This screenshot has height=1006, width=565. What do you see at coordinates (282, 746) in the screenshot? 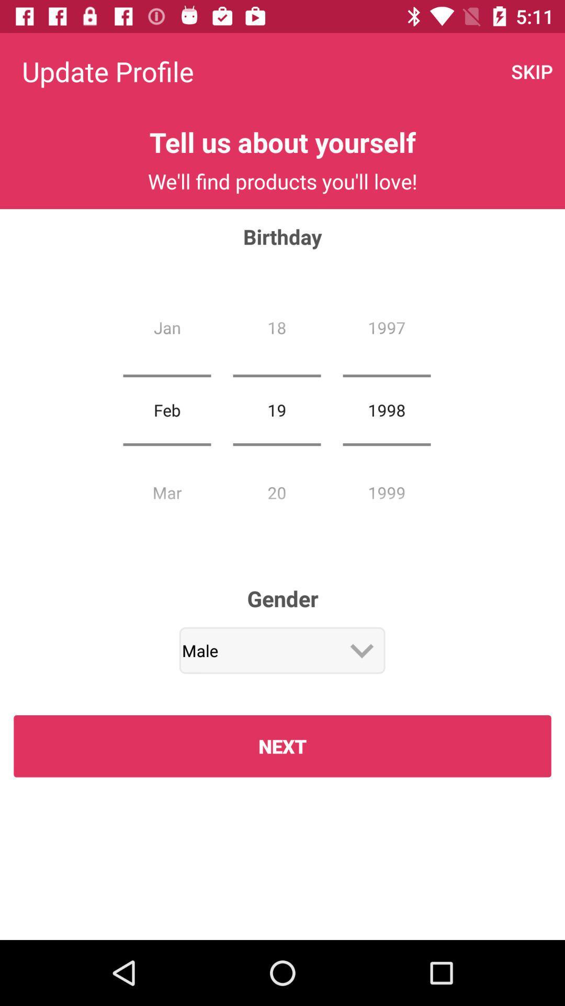
I see `next` at bounding box center [282, 746].